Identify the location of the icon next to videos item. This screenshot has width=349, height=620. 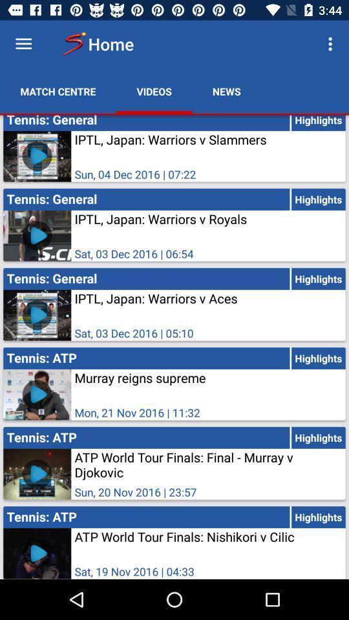
(58, 90).